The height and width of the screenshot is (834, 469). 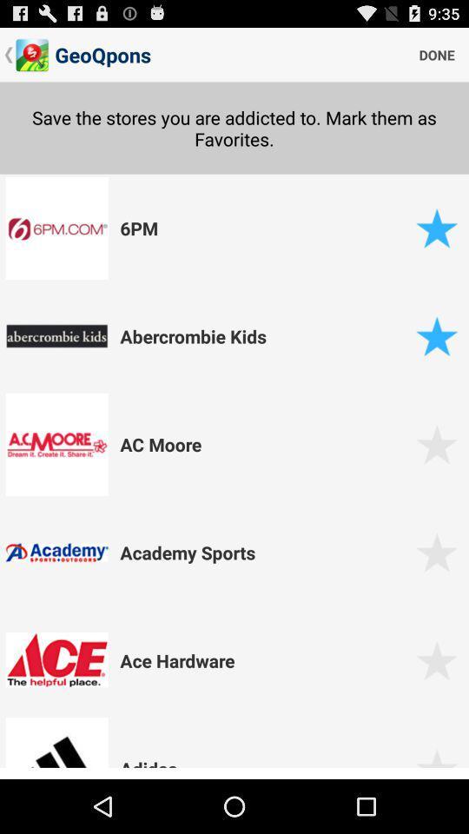 I want to click on the 6pm icon, so click(x=265, y=227).